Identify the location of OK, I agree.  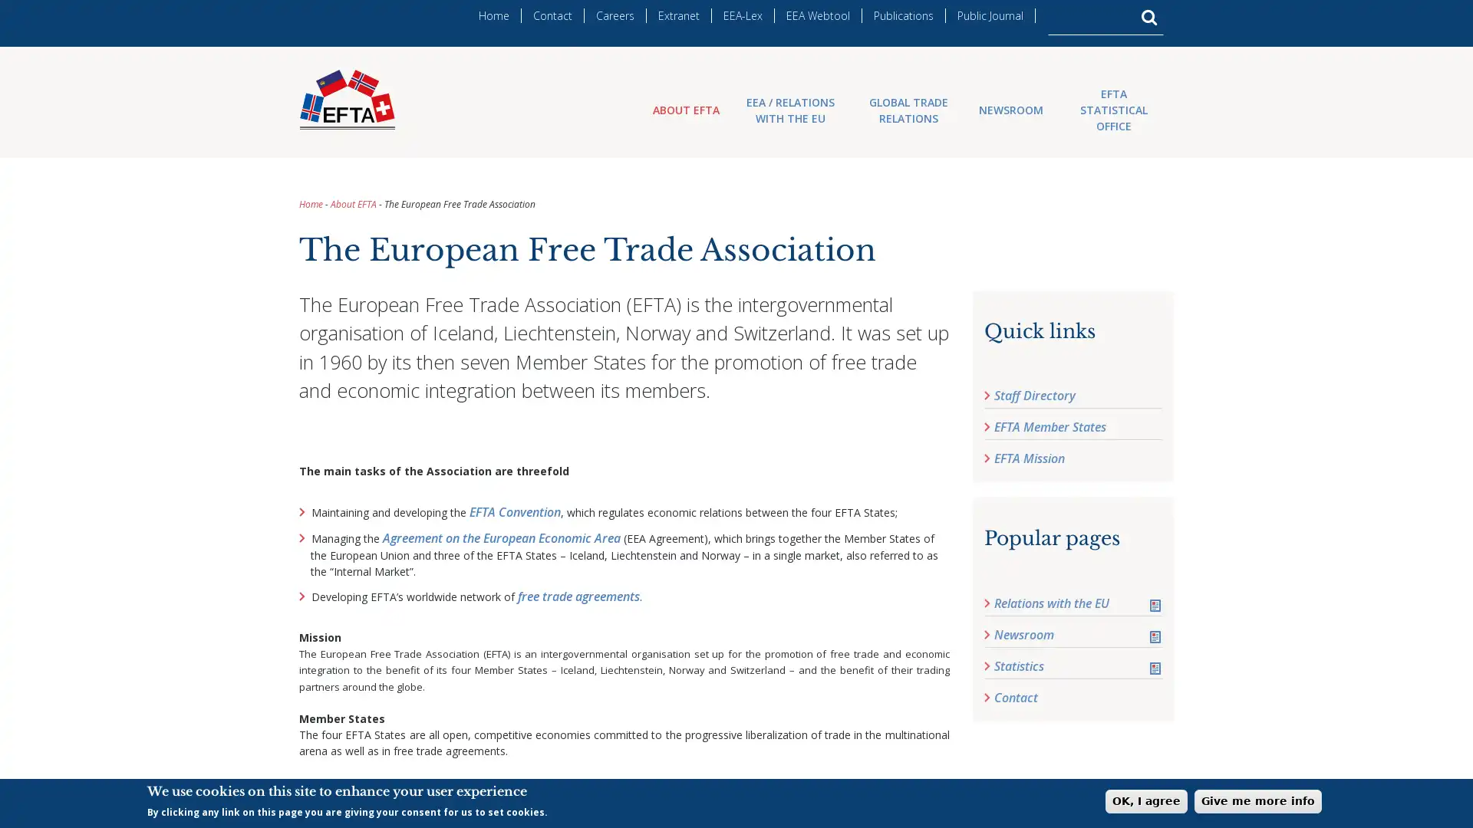
(1146, 800).